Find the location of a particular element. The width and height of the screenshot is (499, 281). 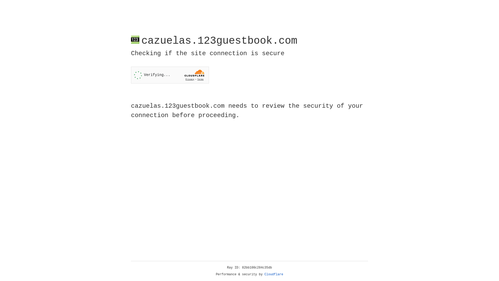

'Widget containing a Cloudflare security challenge' is located at coordinates (170, 75).